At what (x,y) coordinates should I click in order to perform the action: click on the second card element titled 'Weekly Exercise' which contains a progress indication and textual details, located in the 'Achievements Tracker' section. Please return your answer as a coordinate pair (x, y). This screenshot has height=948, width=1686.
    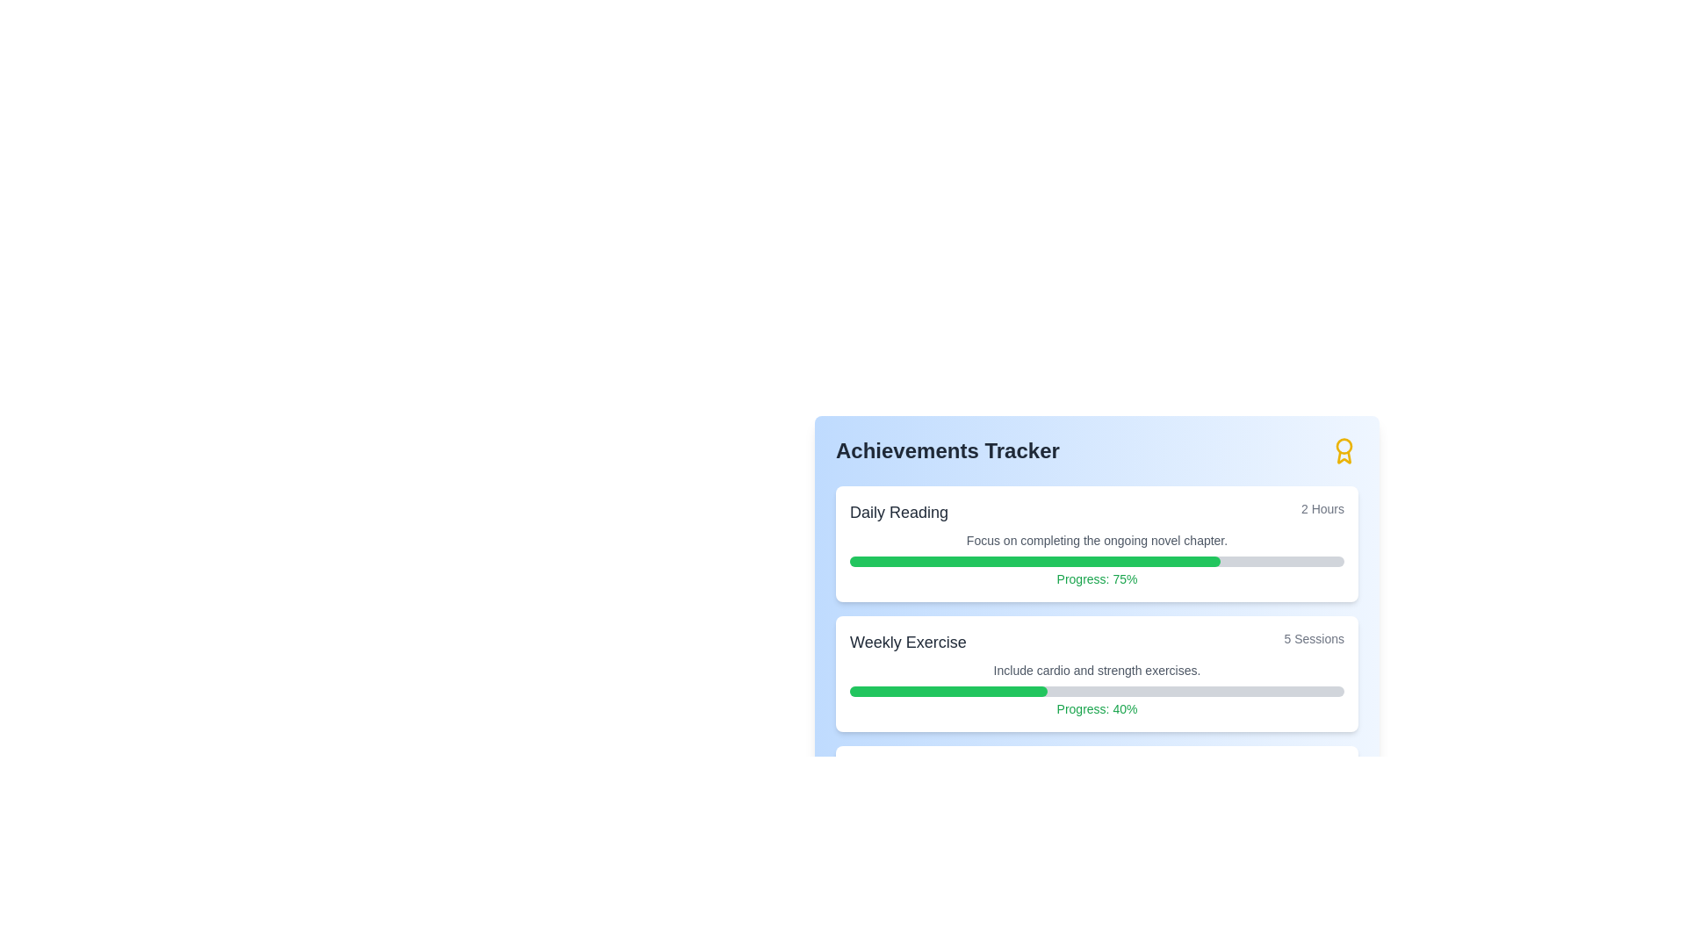
    Looking at the image, I should click on (1096, 672).